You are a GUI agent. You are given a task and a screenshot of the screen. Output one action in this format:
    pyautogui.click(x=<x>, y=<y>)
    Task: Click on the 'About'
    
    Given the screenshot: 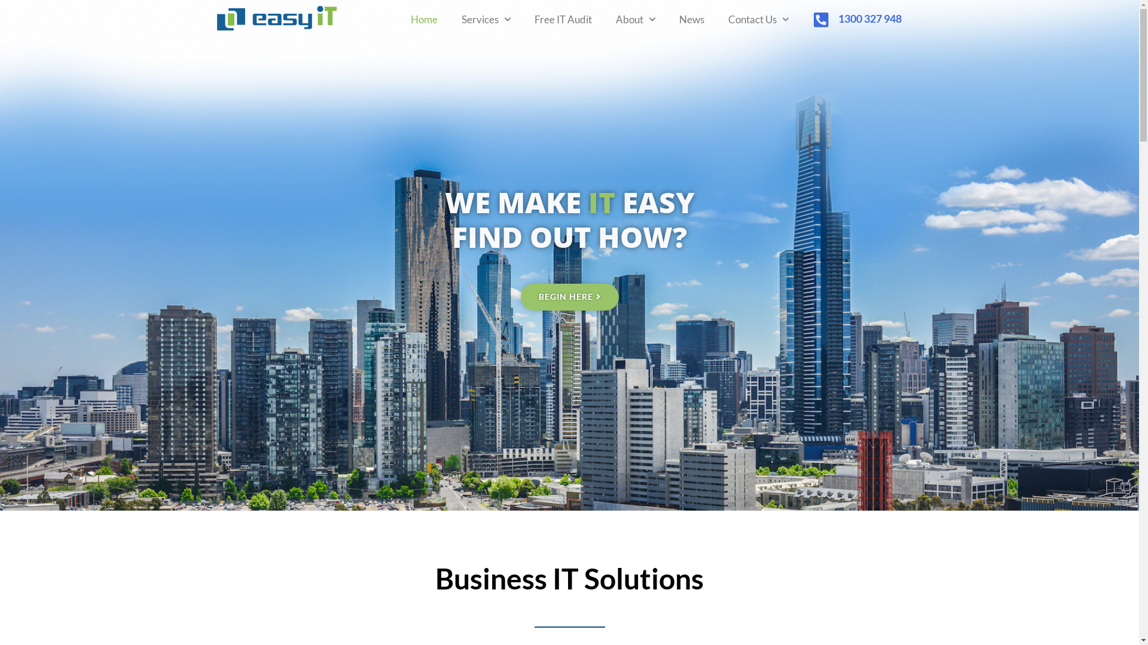 What is the action you would take?
    pyautogui.click(x=634, y=20)
    